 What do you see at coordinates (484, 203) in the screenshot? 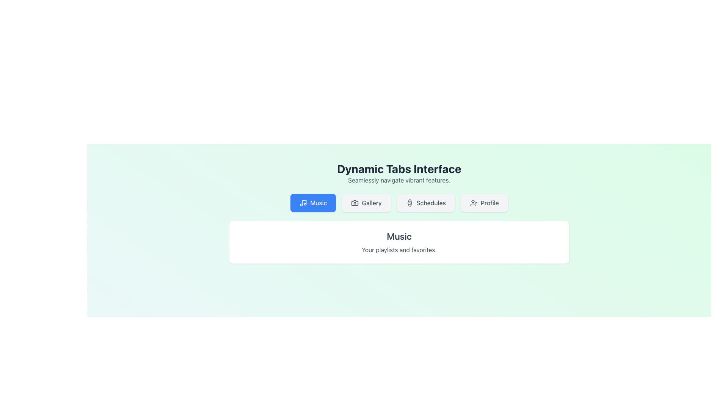
I see `the fourth button in the horizontal row, located to the right of the 'Schedules' button` at bounding box center [484, 203].